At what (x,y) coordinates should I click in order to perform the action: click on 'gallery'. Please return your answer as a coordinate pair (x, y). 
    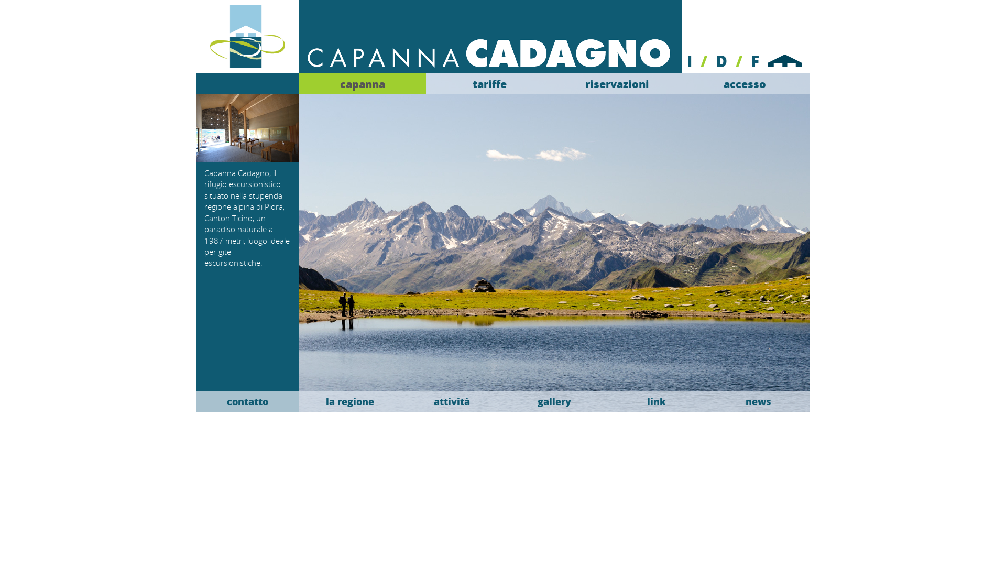
    Looking at the image, I should click on (553, 401).